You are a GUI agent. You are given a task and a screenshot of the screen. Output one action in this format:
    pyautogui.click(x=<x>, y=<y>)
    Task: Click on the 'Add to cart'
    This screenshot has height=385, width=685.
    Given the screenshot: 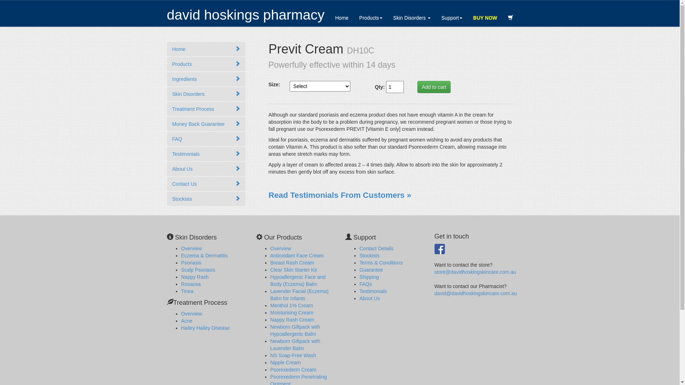 What is the action you would take?
    pyautogui.click(x=417, y=86)
    